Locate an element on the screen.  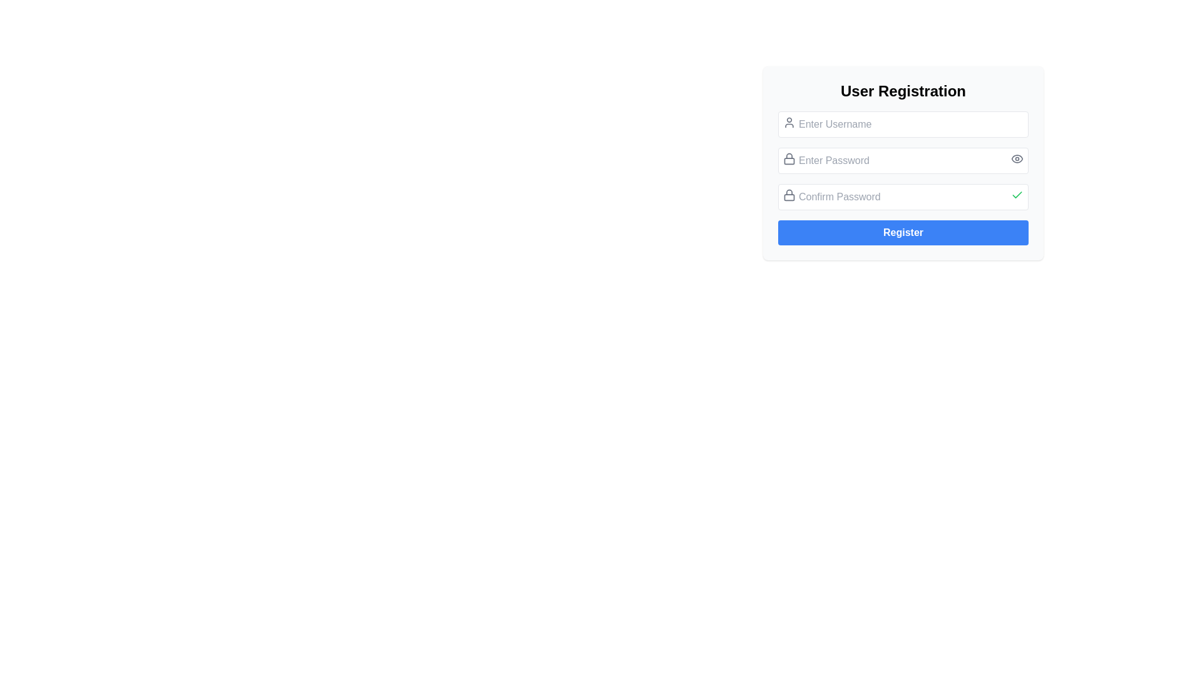
the icon indicating the Confirm Password field in the user registration form, located at the top-left corner of the Confirm Password field is located at coordinates (789, 195).